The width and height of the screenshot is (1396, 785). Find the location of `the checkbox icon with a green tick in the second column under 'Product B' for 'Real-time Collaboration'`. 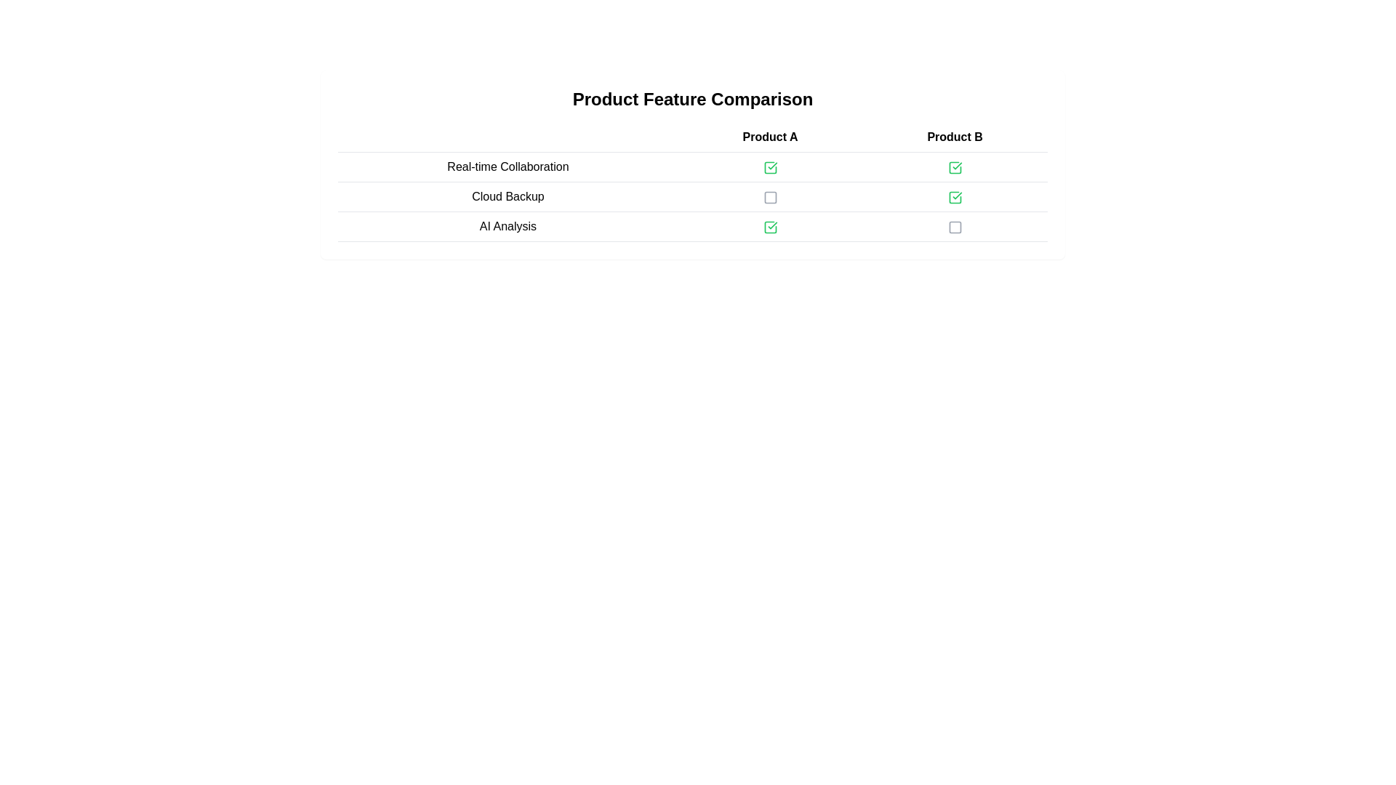

the checkbox icon with a green tick in the second column under 'Product B' for 'Real-time Collaboration' is located at coordinates (955, 166).